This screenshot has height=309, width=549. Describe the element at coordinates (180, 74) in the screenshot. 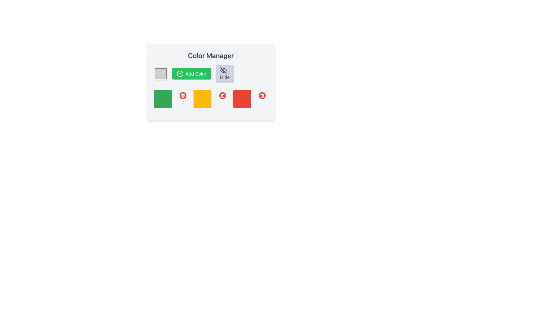

I see `the circular icon within the 'Add Color' button, which features a white circle with a plus symbol against a green background` at that location.